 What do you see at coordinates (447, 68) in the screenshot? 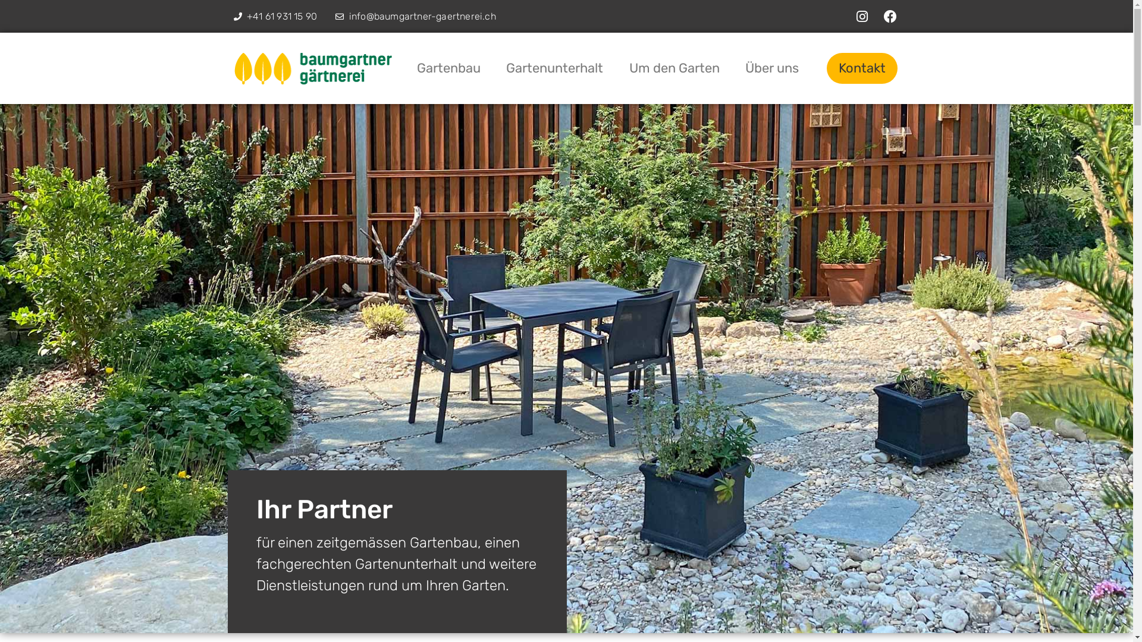
I see `'Gartenbau'` at bounding box center [447, 68].